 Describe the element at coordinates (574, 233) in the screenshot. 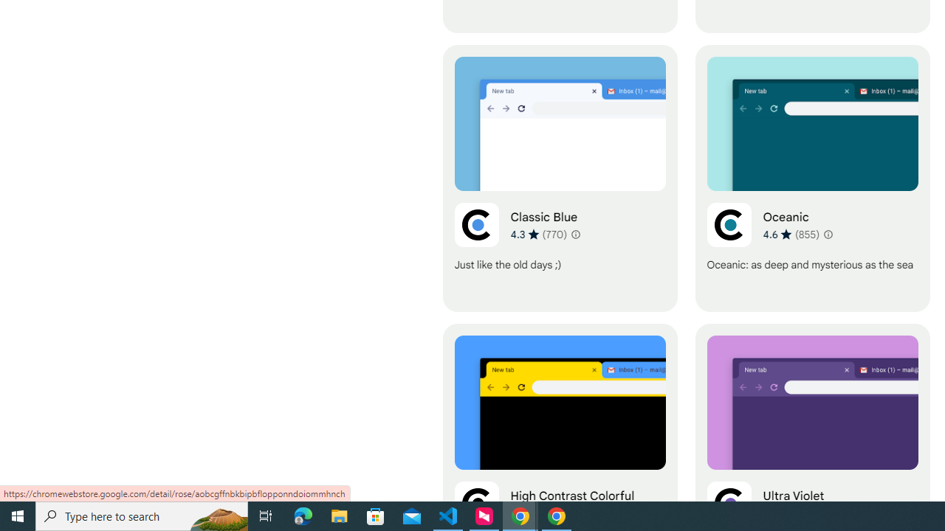

I see `'Learn more about results and reviews "Classic Blue"'` at that location.